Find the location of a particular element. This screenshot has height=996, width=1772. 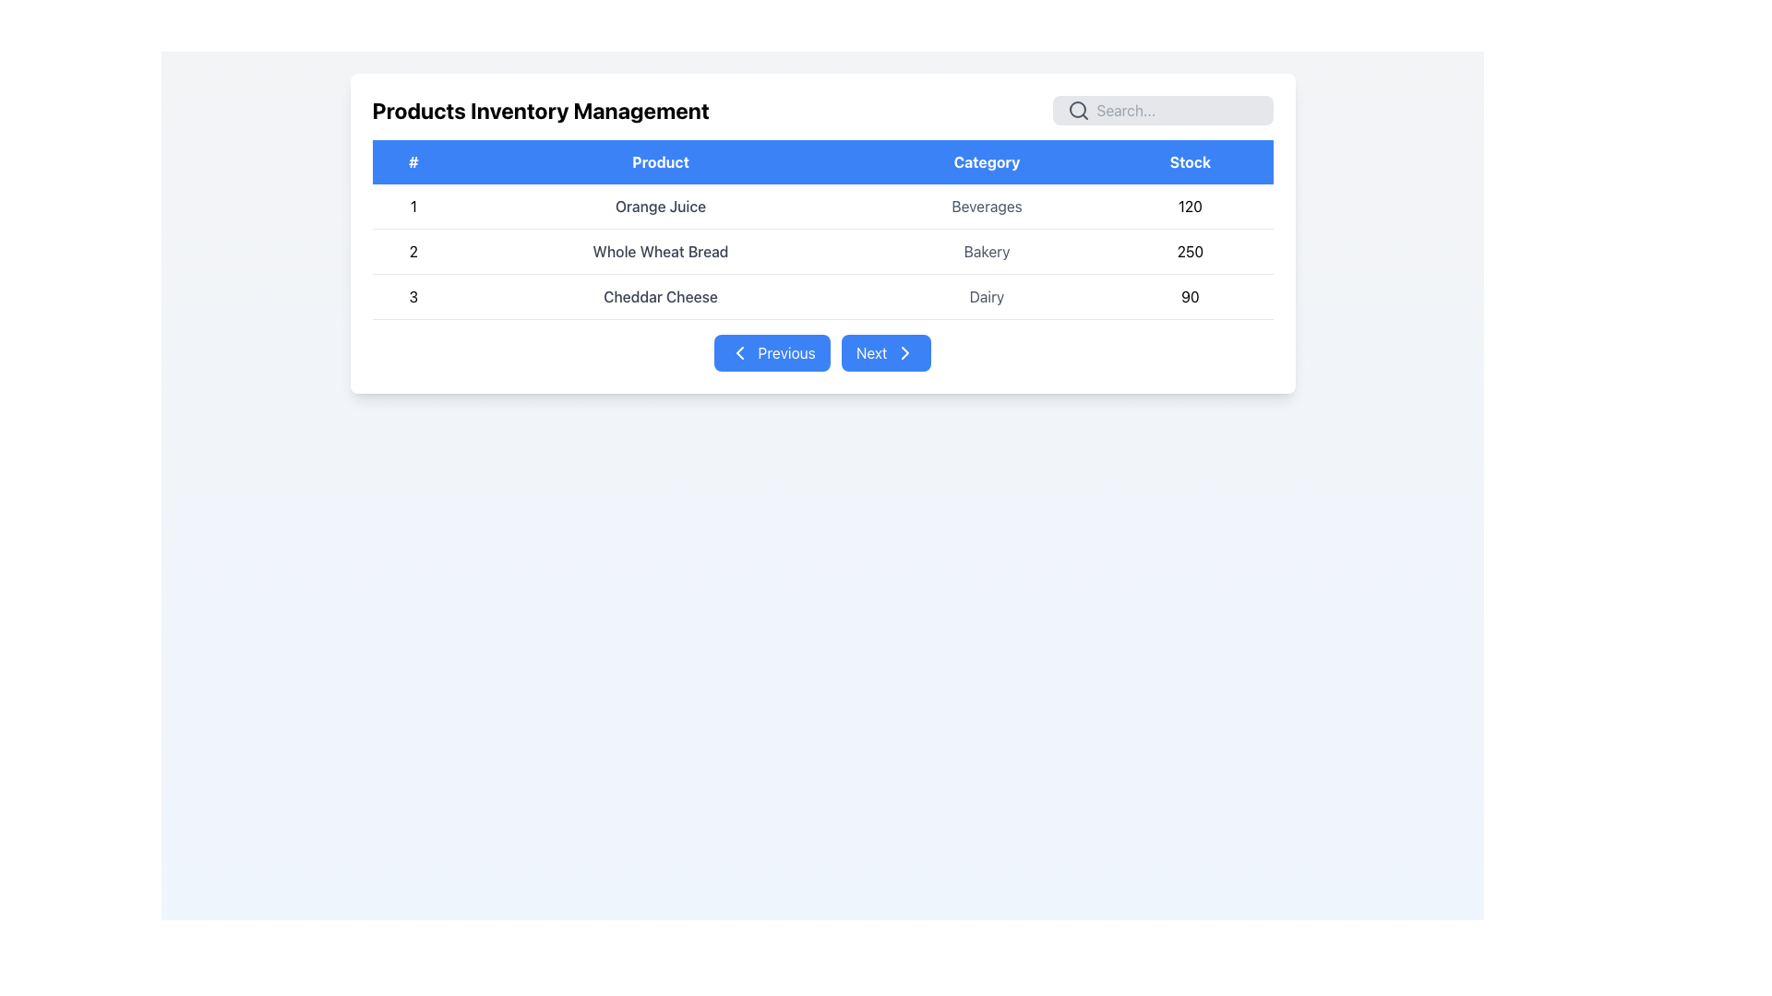

the first row of the 'Products Inventory Management' table is located at coordinates (821, 207).